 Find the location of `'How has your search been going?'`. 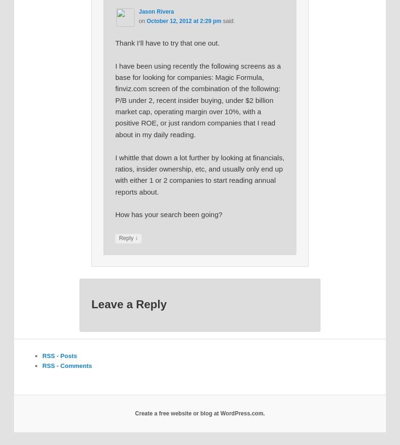

'How has your search been going?' is located at coordinates (168, 214).